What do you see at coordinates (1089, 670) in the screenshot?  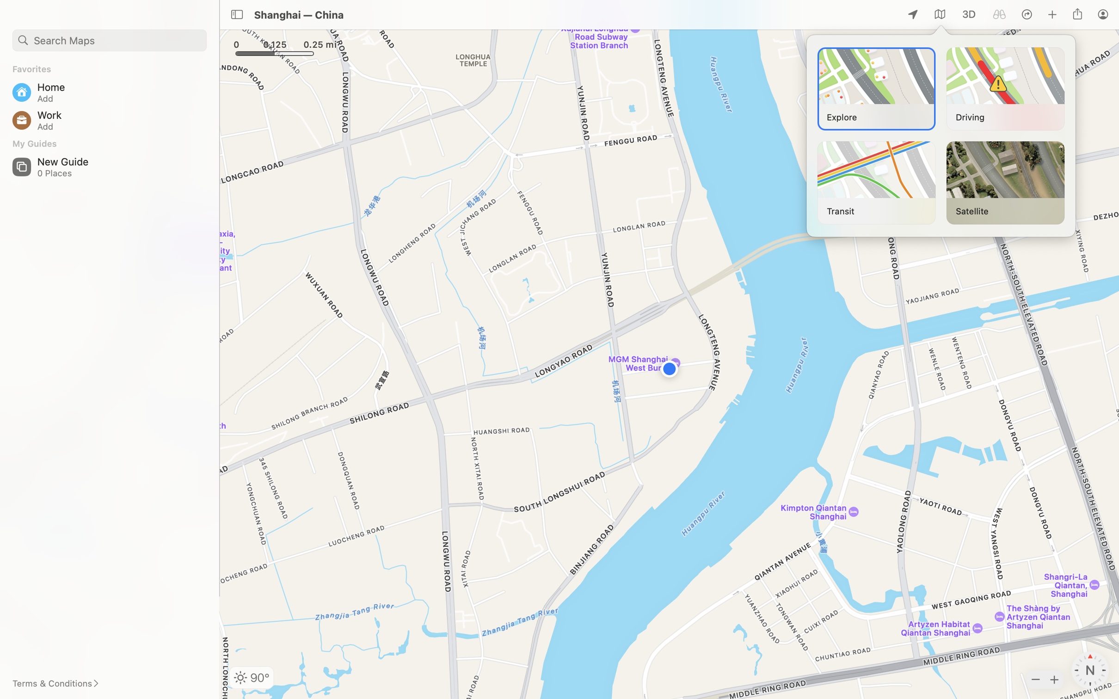 I see `'Heading: 0 degrees North'` at bounding box center [1089, 670].